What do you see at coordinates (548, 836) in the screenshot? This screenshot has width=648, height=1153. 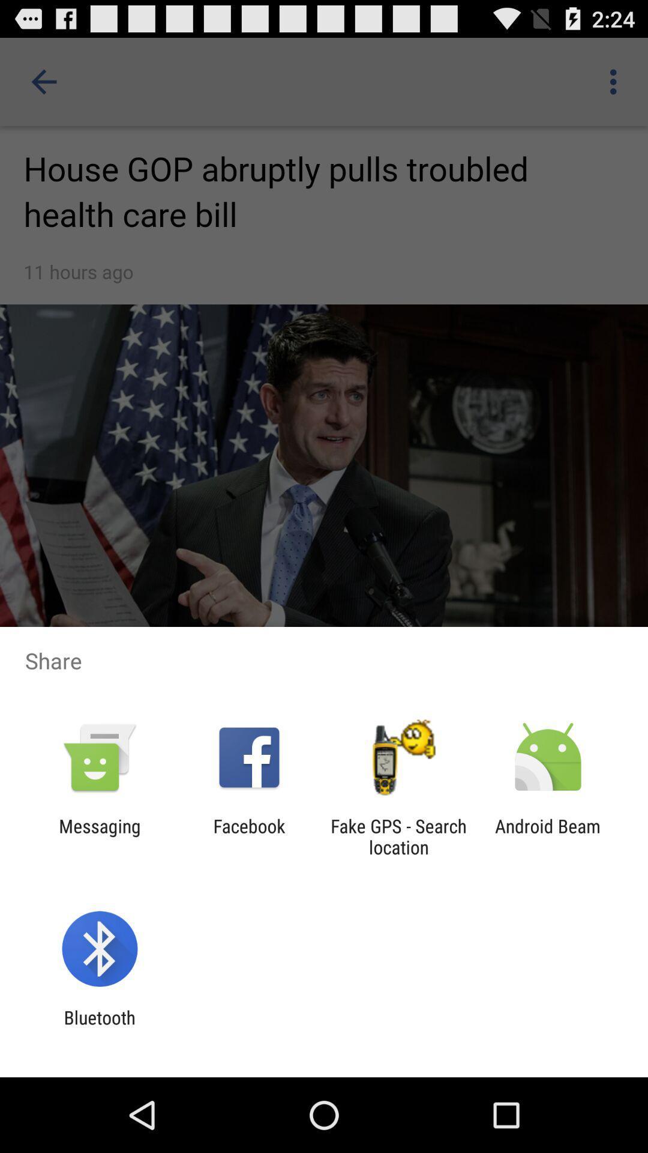 I see `icon at the bottom right corner` at bounding box center [548, 836].